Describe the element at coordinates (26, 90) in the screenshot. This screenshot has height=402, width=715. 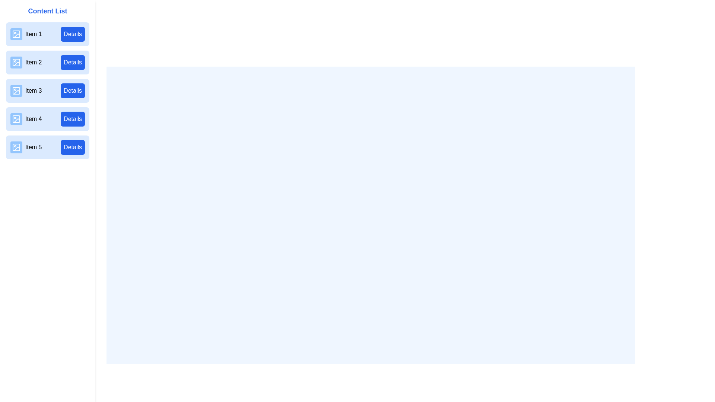
I see `the descriptive text label that represents the associated content or item, located in the middle of the left column of a vertically scrolling list` at that location.